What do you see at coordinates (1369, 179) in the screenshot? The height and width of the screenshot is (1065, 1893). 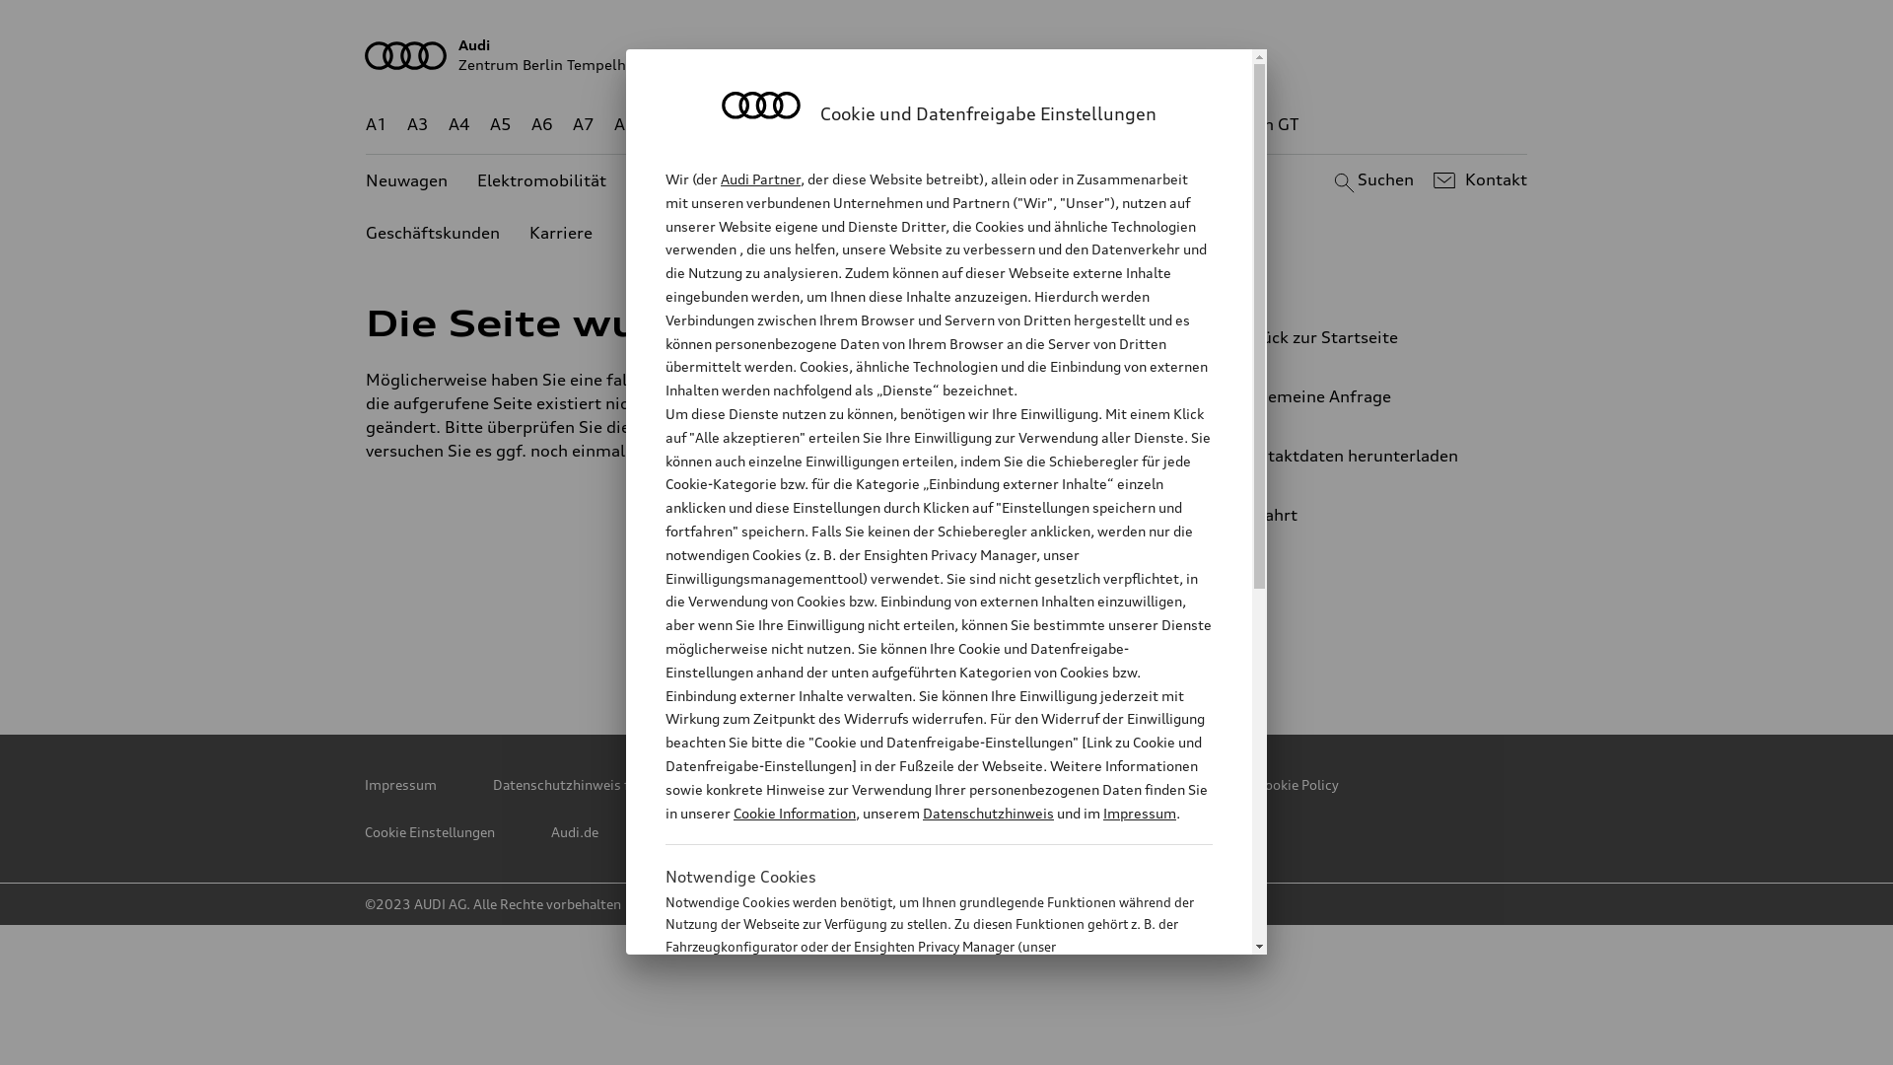 I see `'Suchen'` at bounding box center [1369, 179].